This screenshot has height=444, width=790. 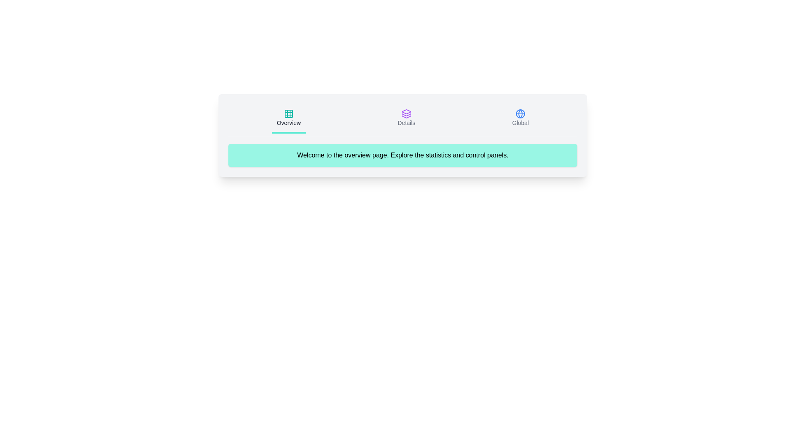 I want to click on the tab labeled Details to switch to the corresponding tab, so click(x=406, y=119).